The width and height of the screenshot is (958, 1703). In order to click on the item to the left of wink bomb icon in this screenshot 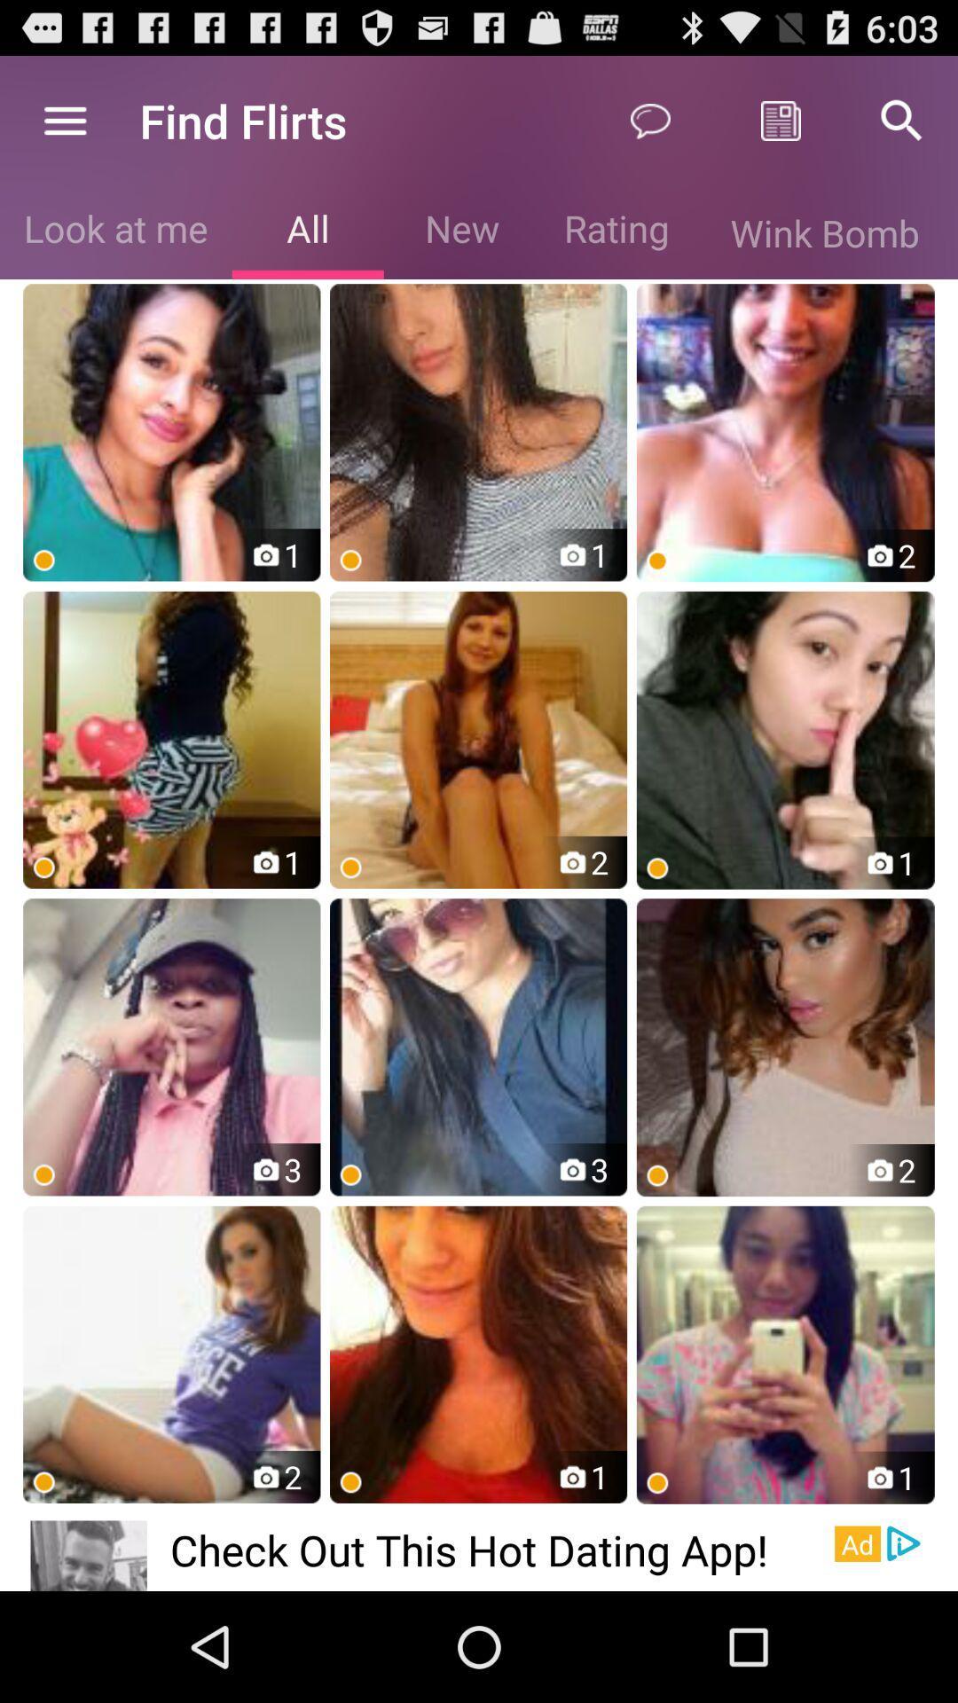, I will do `click(616, 232)`.